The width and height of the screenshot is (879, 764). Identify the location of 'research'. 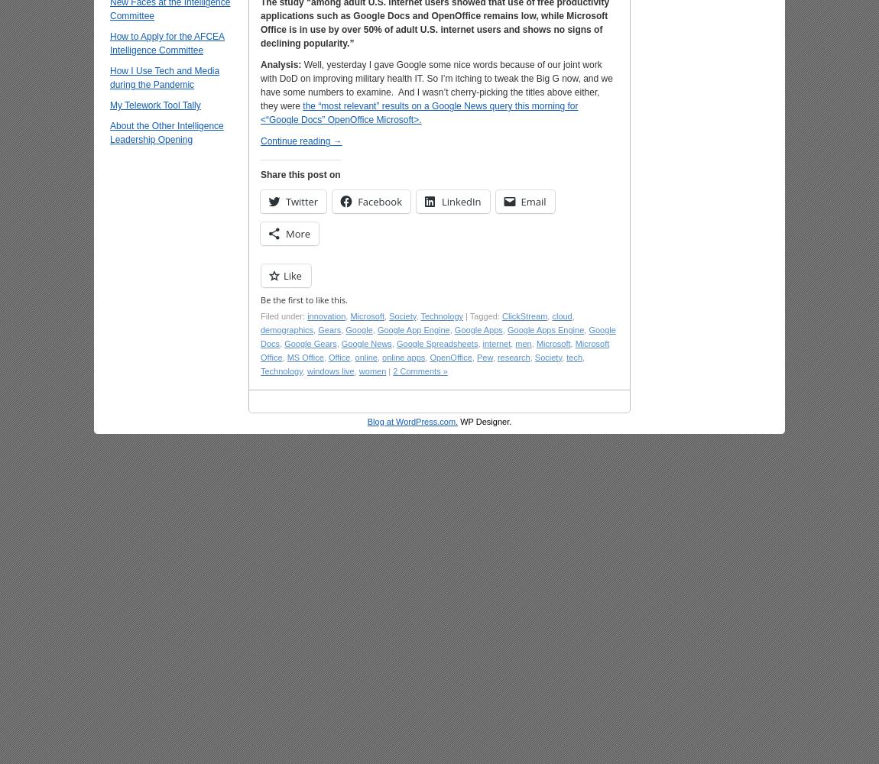
(495, 356).